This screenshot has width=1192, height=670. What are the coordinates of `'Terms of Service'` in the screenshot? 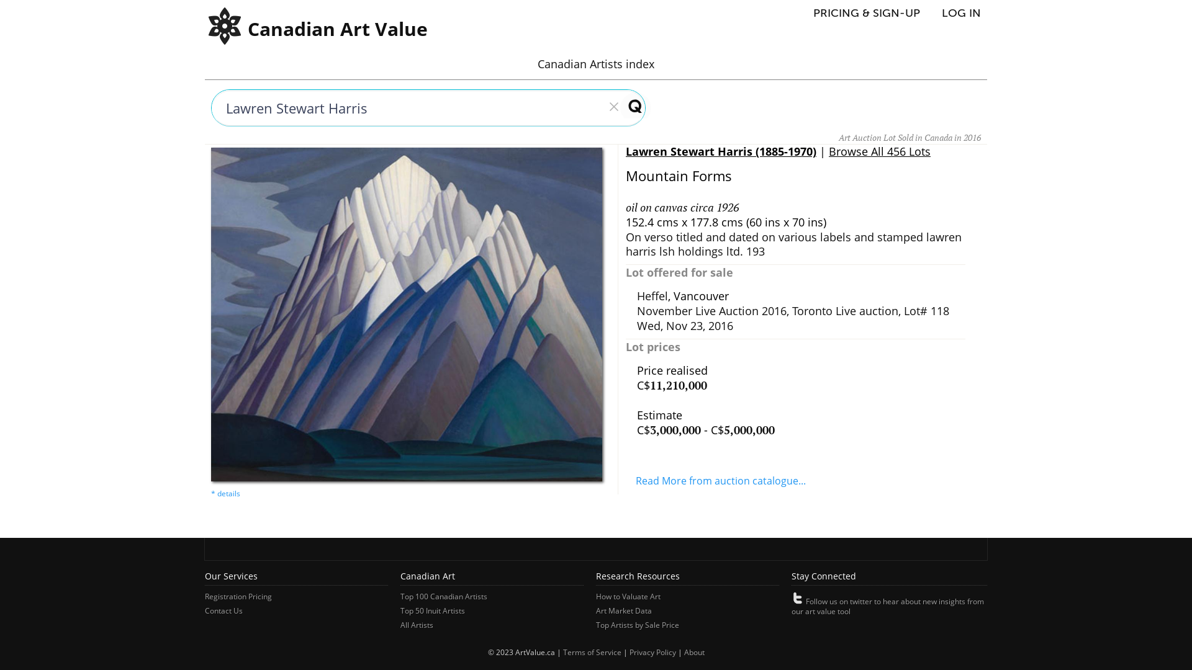 It's located at (591, 651).